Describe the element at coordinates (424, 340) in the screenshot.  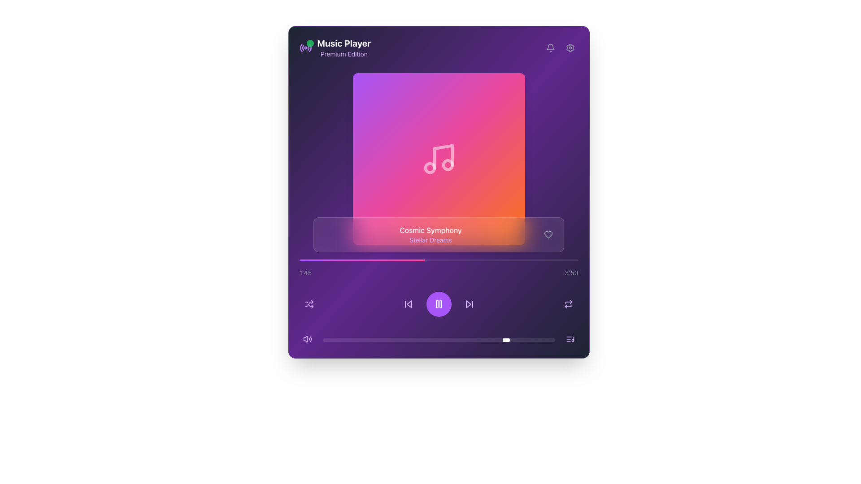
I see `the slider` at that location.